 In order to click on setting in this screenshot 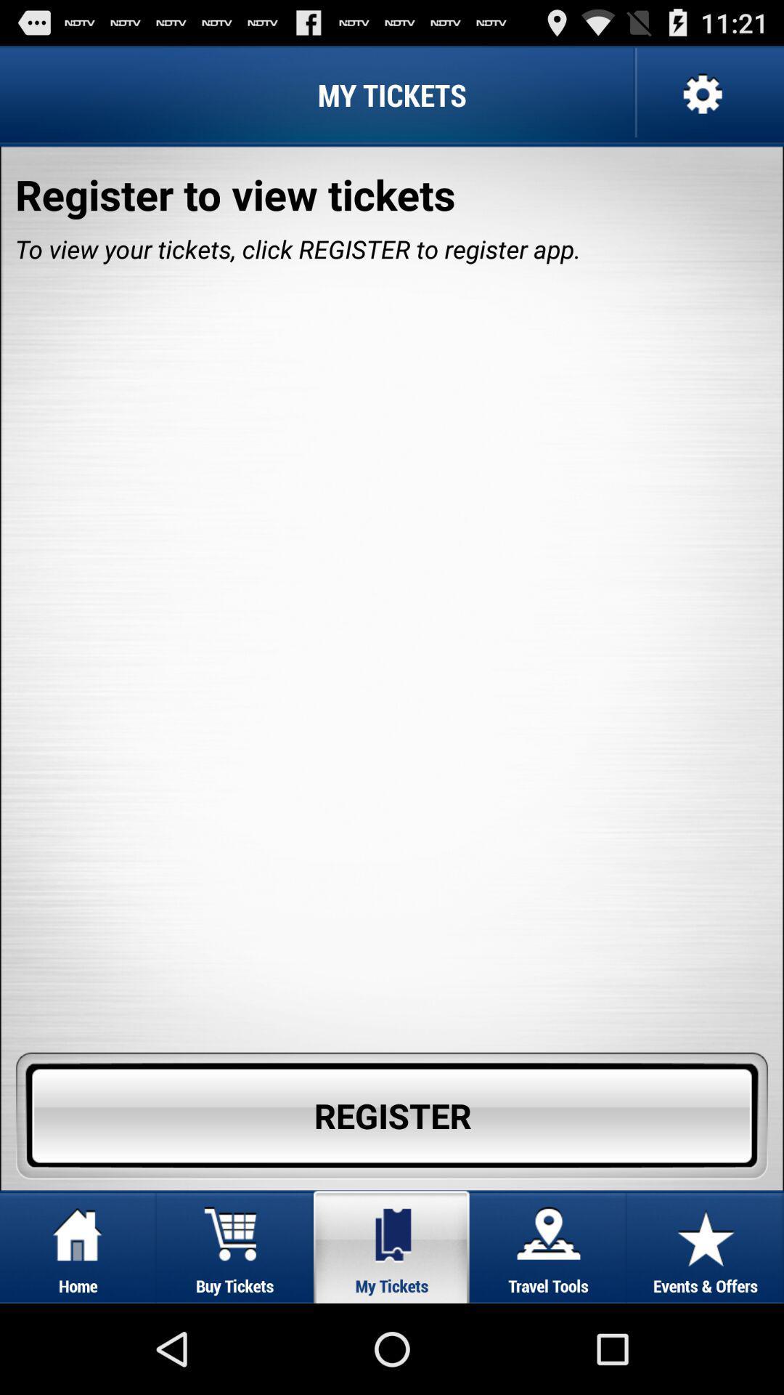, I will do `click(700, 94)`.